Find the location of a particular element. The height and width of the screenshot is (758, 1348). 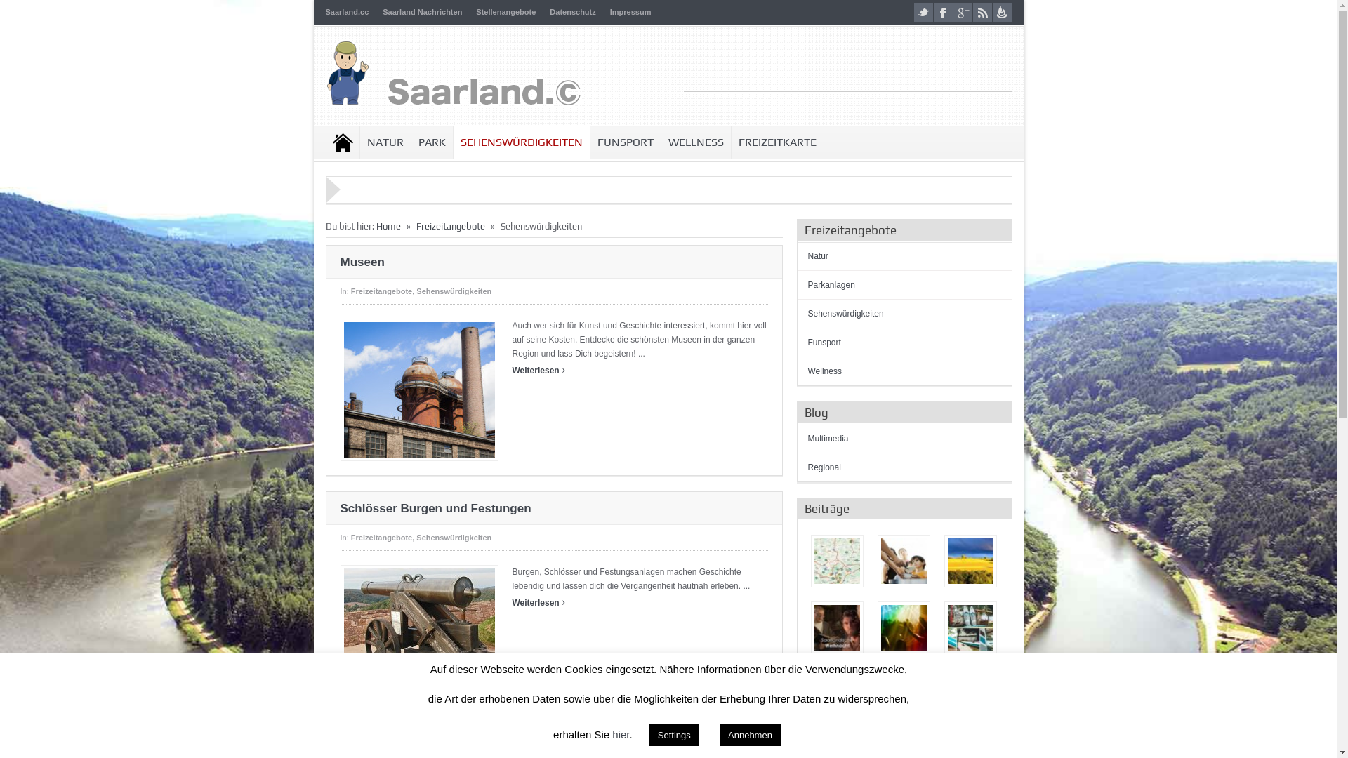

'rss' is located at coordinates (982, 12).